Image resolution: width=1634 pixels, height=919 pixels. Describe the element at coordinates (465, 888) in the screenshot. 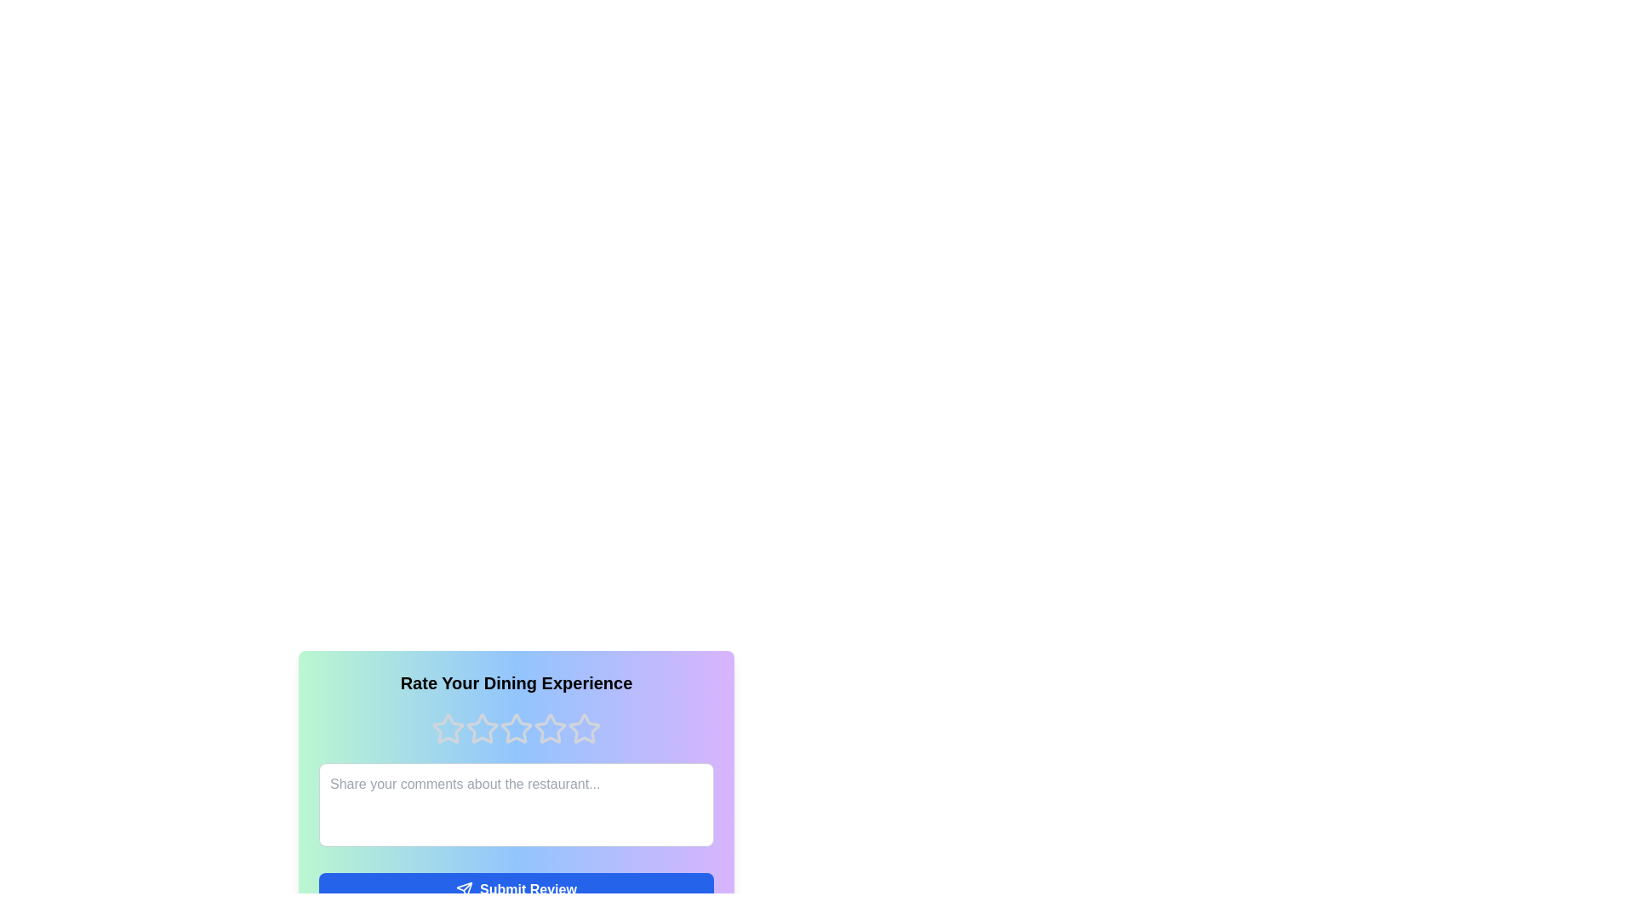

I see `the send arrow icon, which is styled like a paper airplane and located near the submit button of the review submission form` at that location.